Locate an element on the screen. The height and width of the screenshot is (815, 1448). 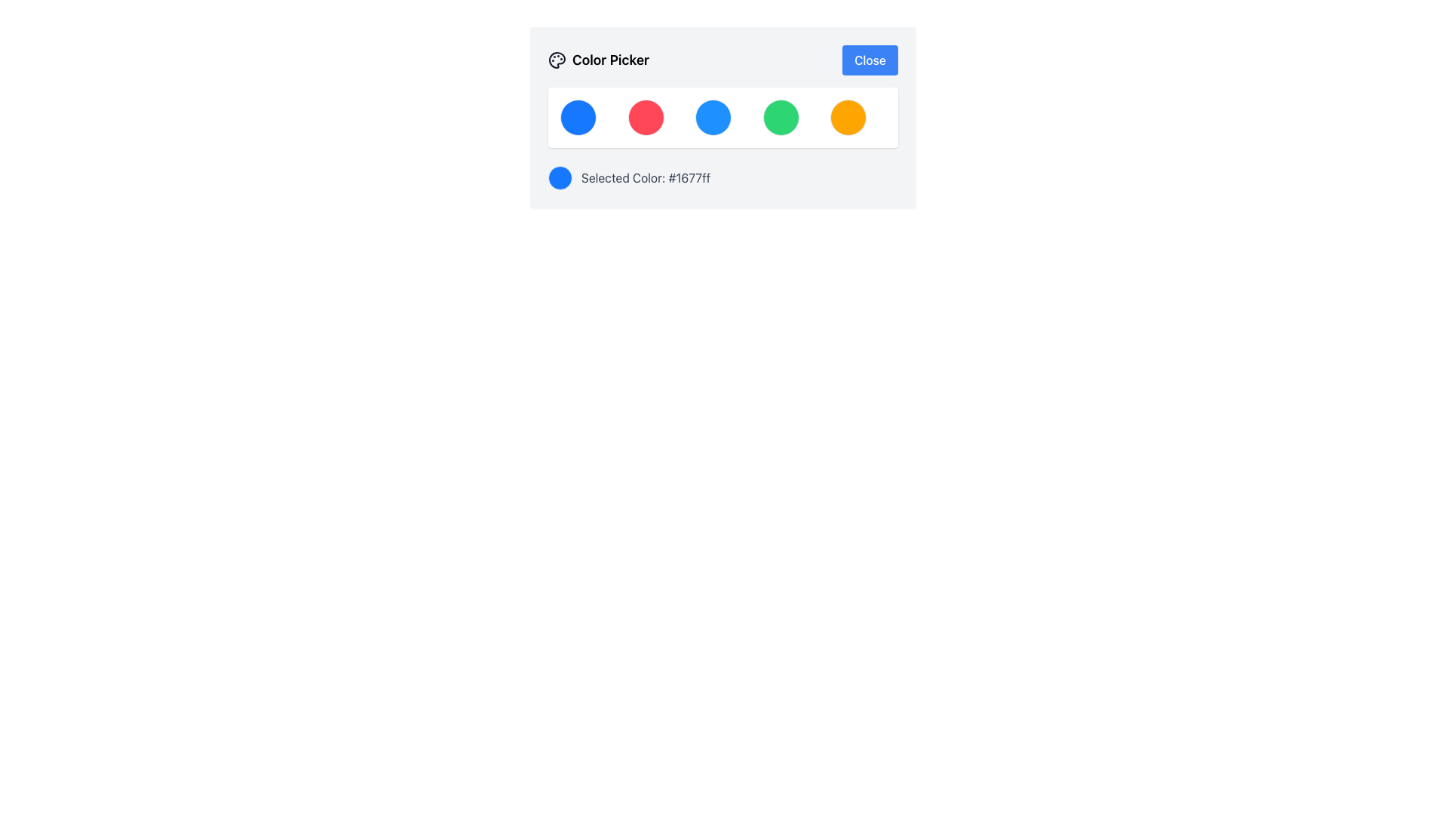
the second circular button in the color selection grid is located at coordinates (646, 116).